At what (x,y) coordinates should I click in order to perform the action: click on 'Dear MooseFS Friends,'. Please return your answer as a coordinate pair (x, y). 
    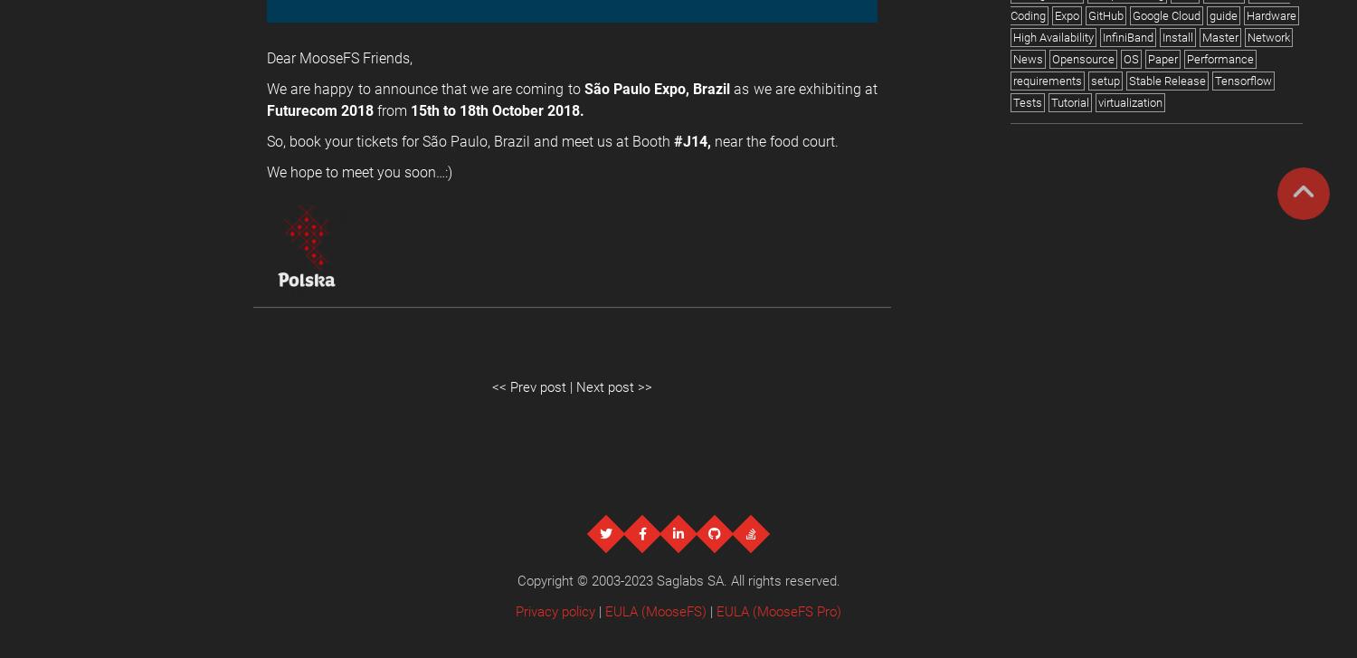
    Looking at the image, I should click on (339, 57).